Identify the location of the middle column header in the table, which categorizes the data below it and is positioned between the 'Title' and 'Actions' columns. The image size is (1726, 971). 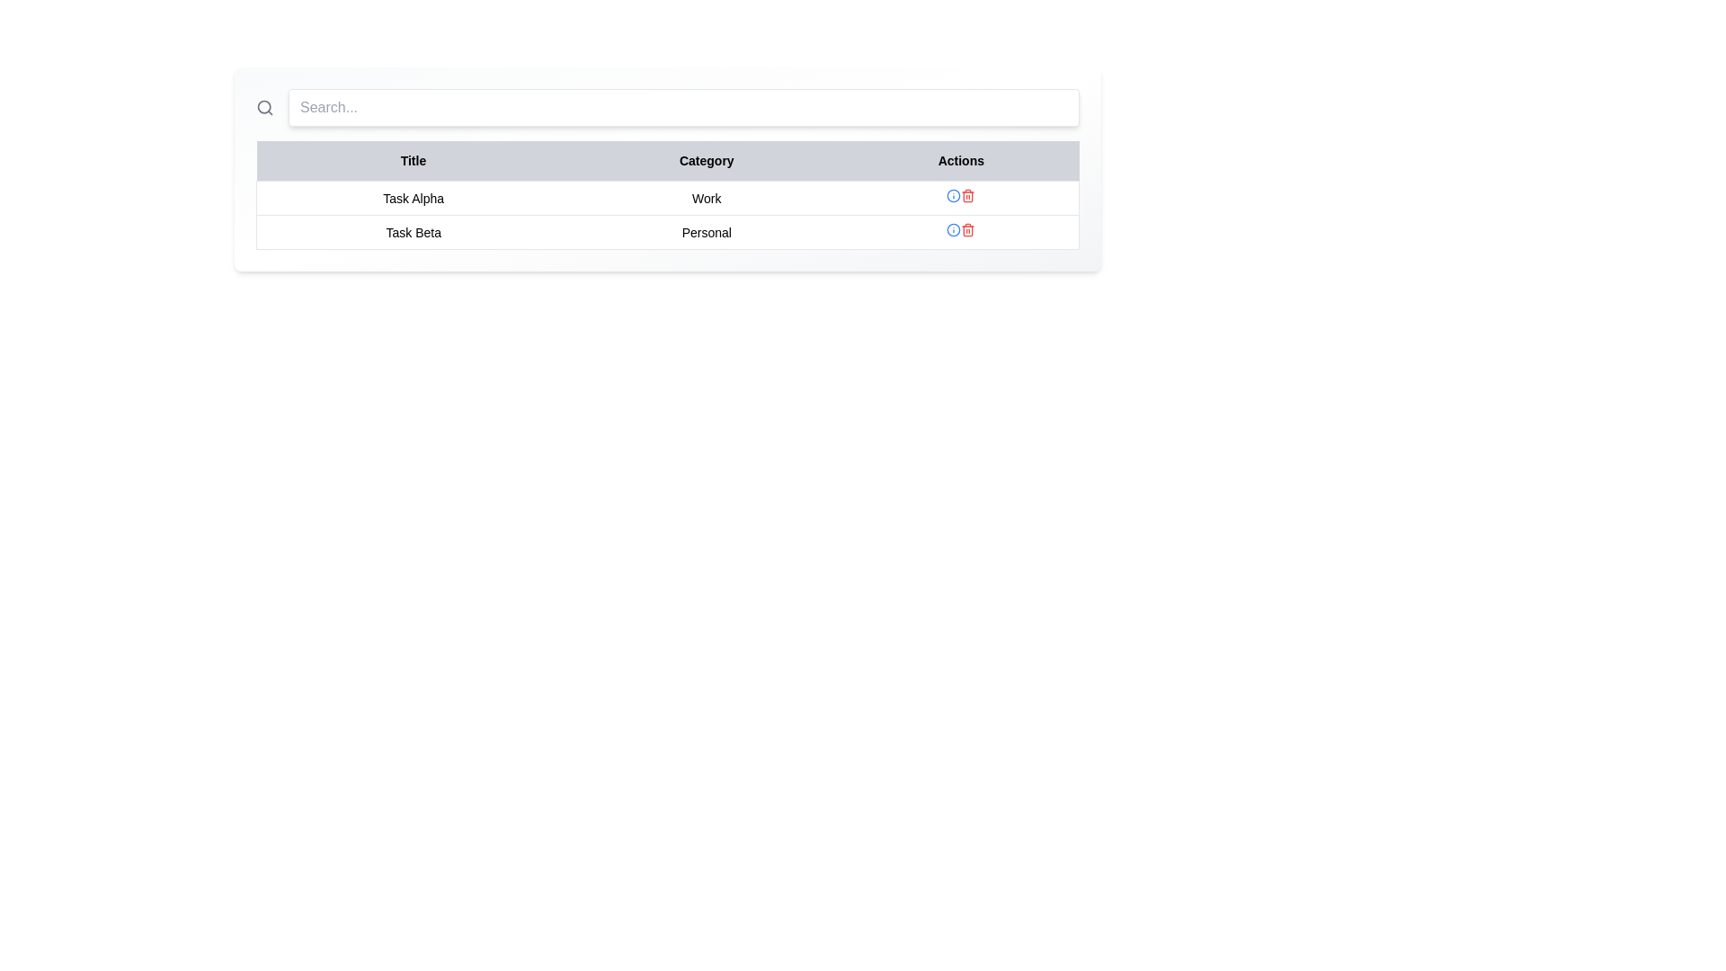
(706, 160).